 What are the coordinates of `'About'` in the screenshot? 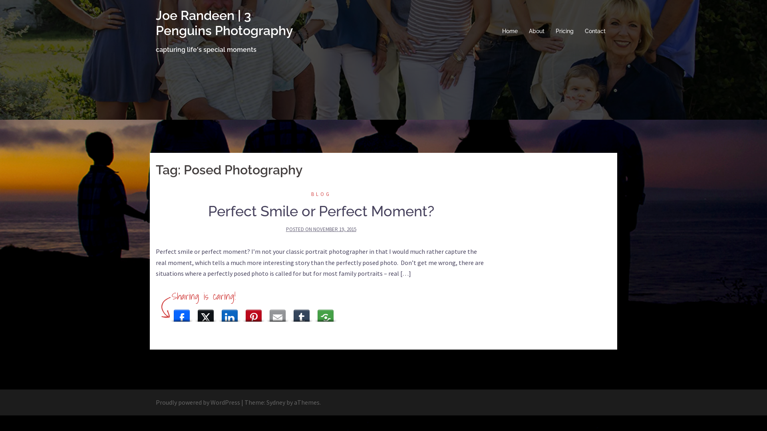 It's located at (529, 31).